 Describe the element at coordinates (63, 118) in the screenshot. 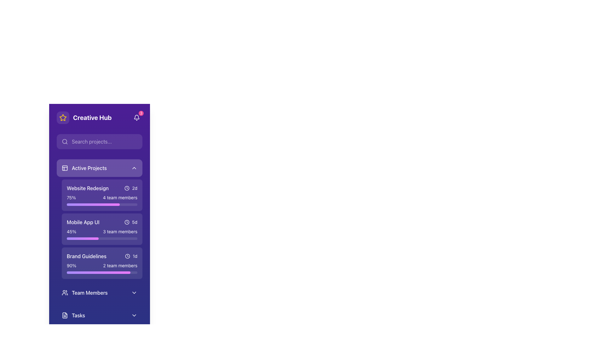

I see `the favorites button located to the left of the 'Creative Hub' title, which serves to highlight or indicate featured items` at that location.